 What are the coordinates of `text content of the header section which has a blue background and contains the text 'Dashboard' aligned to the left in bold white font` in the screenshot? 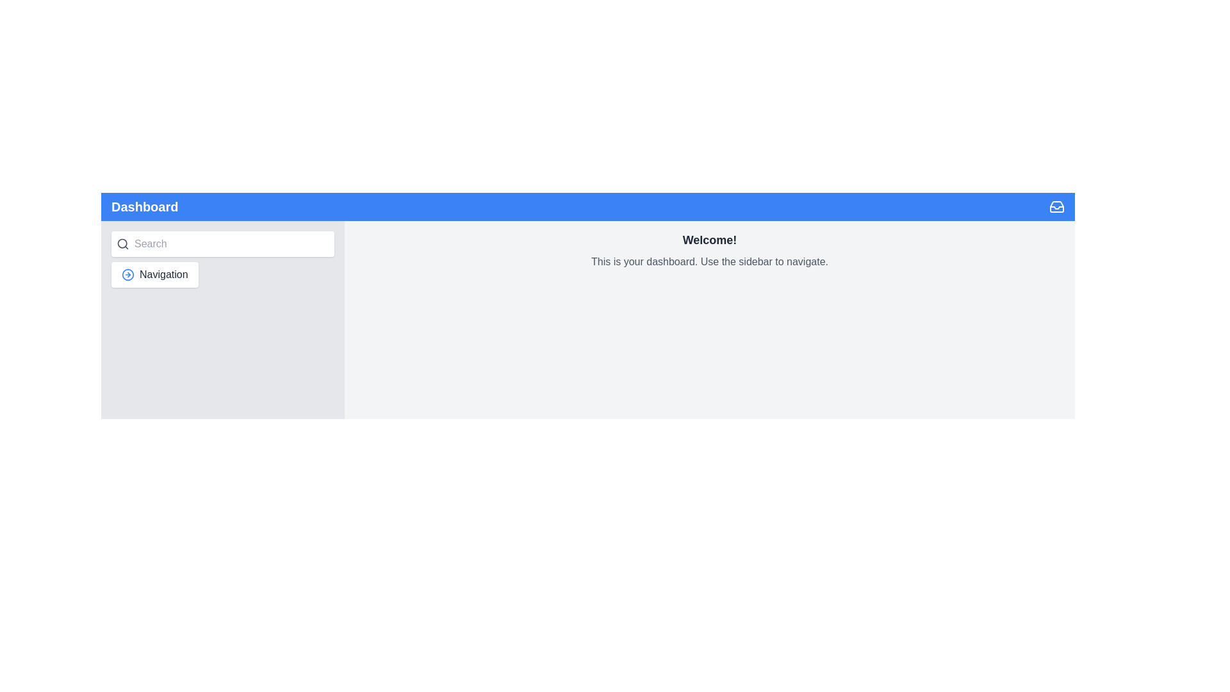 It's located at (587, 206).